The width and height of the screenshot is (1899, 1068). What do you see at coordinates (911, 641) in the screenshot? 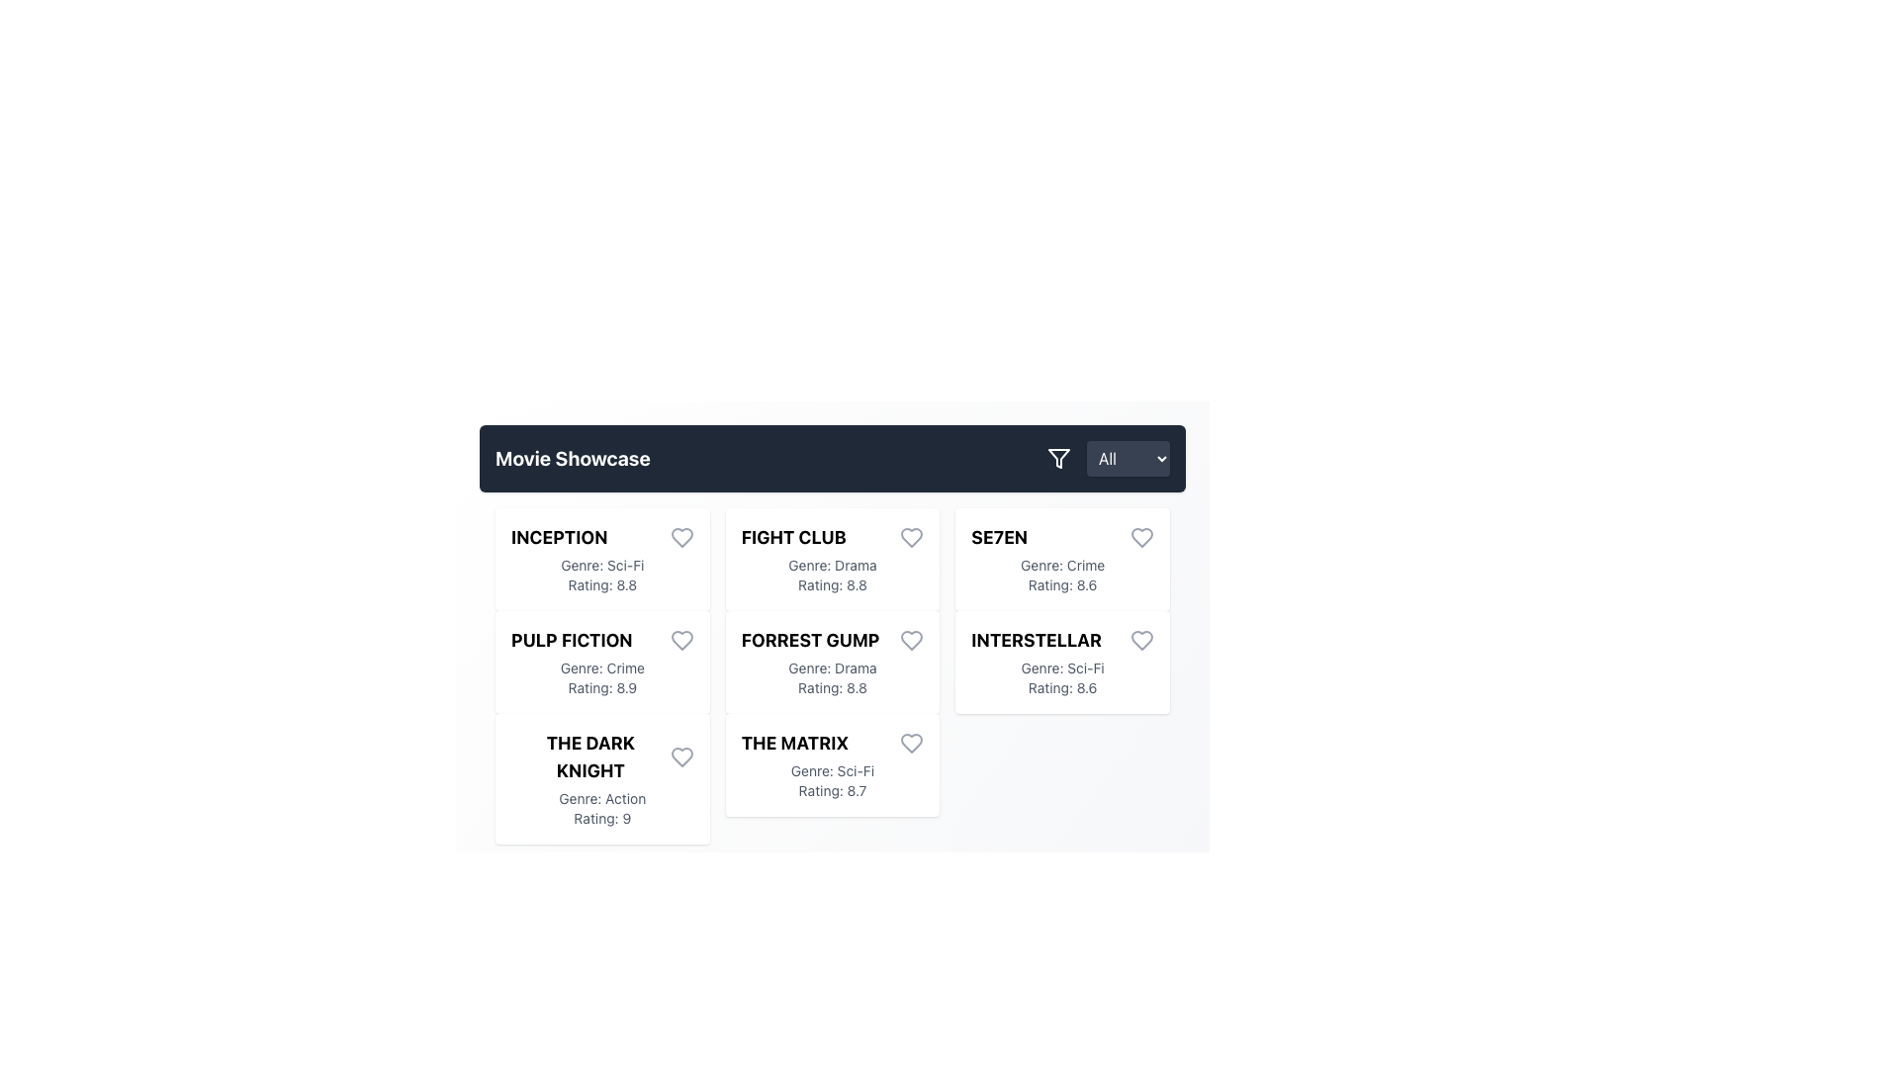
I see `the heart-shaped icon (Like/Favorite Marker) within the movie card for 'Forrest Gump', which is located in the top-right corner of the card` at bounding box center [911, 641].